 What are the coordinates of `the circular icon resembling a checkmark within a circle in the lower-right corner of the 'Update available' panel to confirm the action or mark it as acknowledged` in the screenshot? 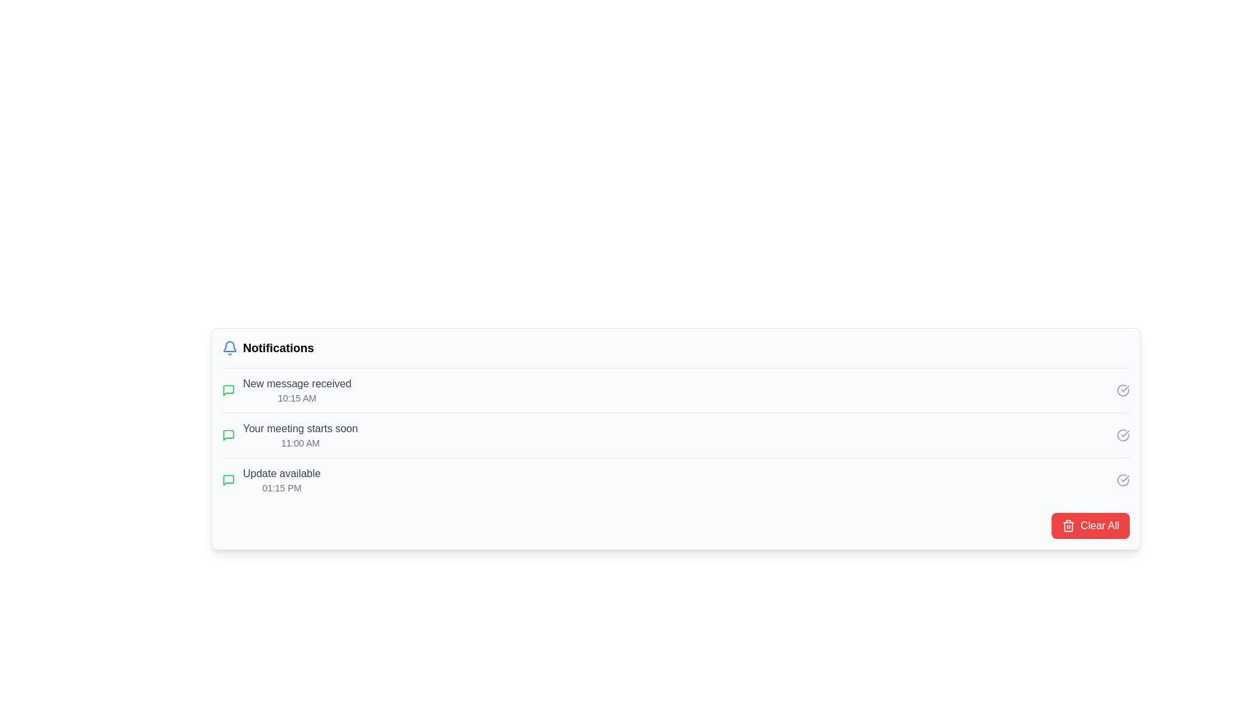 It's located at (1122, 480).